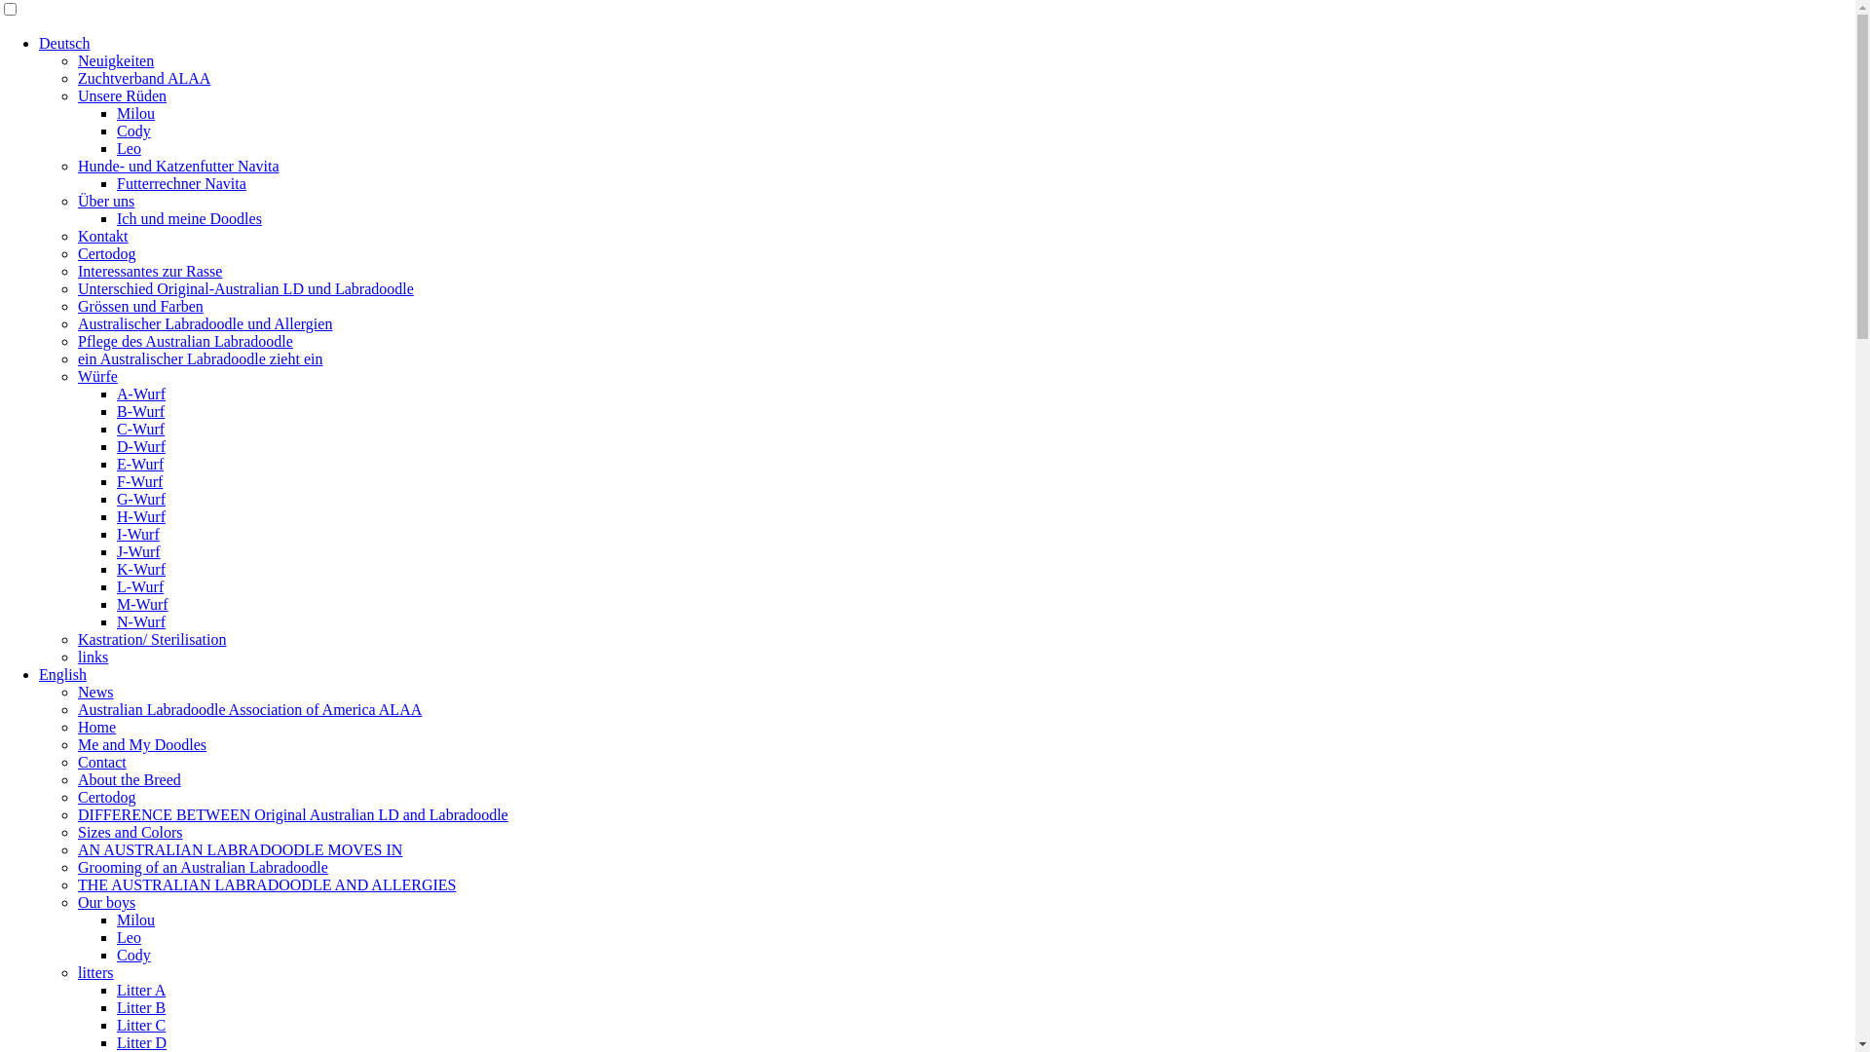 The width and height of the screenshot is (1870, 1052). I want to click on 'K-Wurf', so click(116, 569).